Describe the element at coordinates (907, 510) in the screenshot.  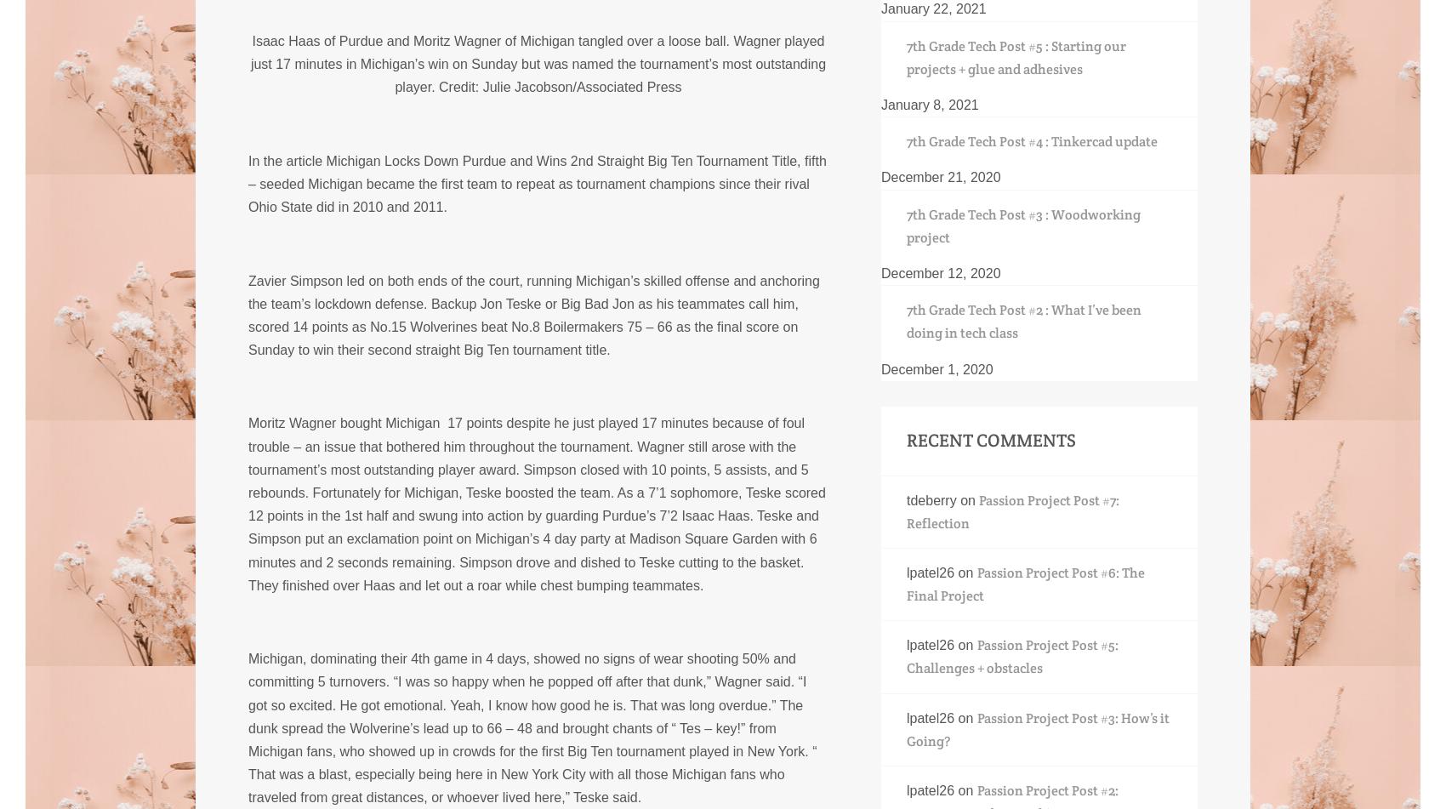
I see `'Passion Project Post #7: Reflection'` at that location.